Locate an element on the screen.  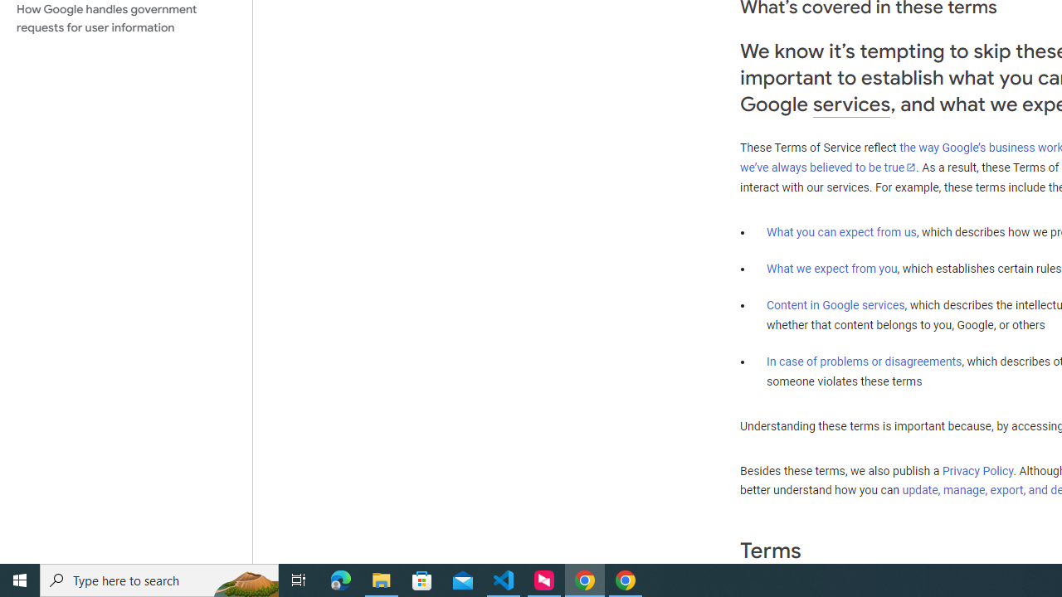
'Content in Google services' is located at coordinates (835, 305).